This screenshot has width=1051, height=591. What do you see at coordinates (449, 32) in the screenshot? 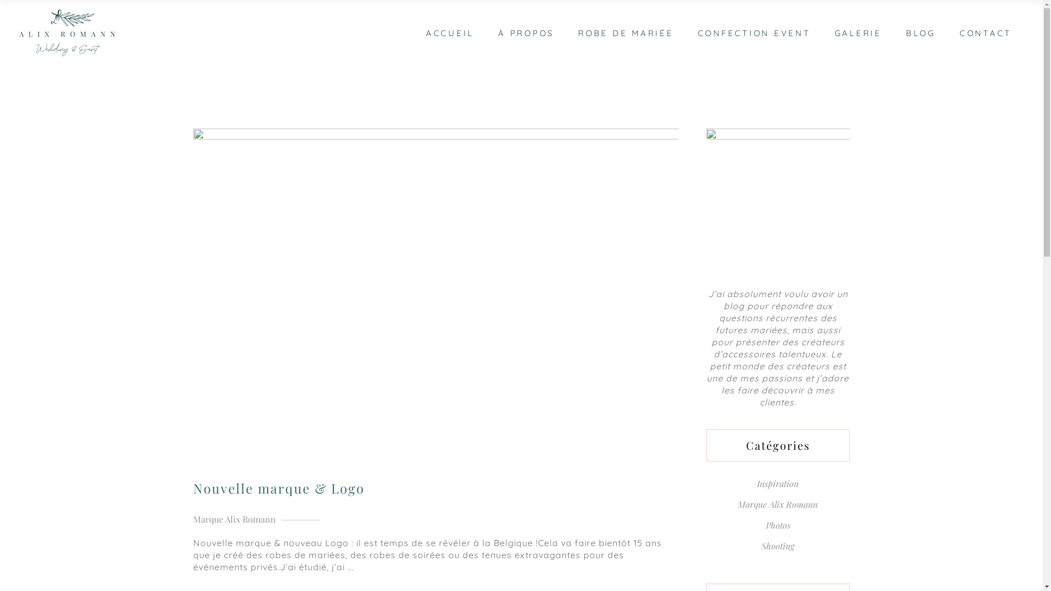
I see `'ACCUEIL'` at bounding box center [449, 32].